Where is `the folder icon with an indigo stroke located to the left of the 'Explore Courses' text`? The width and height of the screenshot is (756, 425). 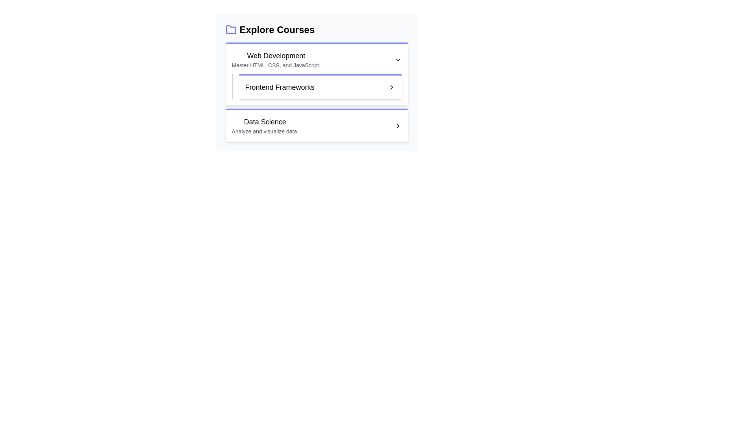 the folder icon with an indigo stroke located to the left of the 'Explore Courses' text is located at coordinates (230, 30).